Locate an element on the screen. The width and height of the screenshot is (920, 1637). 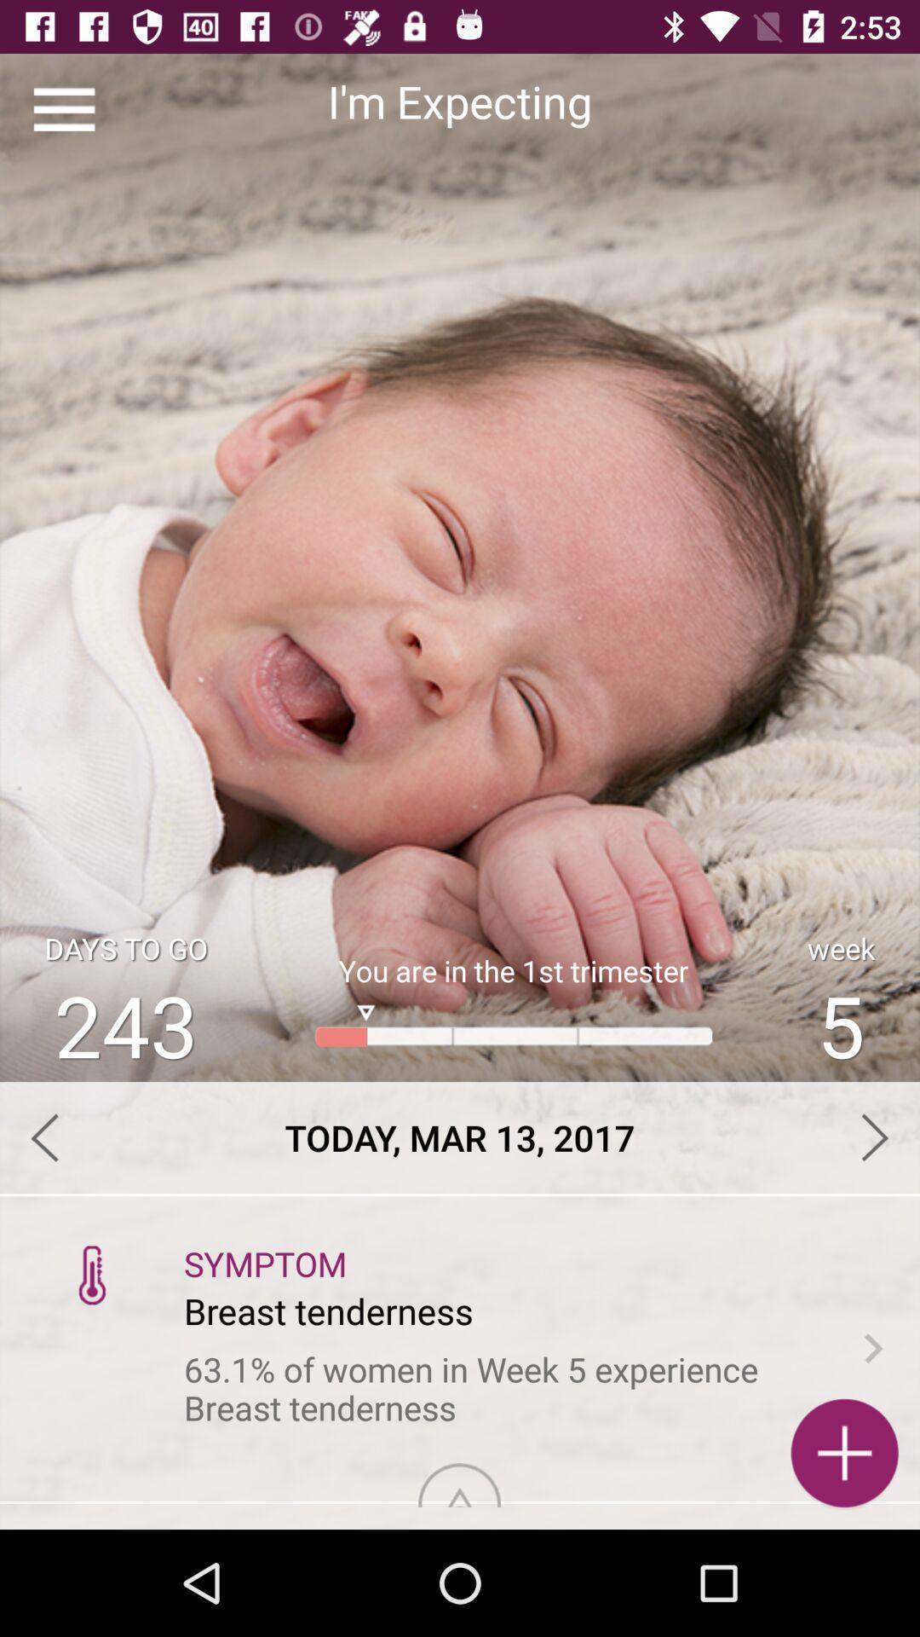
the icon to the left of the symptom app is located at coordinates (92, 1275).